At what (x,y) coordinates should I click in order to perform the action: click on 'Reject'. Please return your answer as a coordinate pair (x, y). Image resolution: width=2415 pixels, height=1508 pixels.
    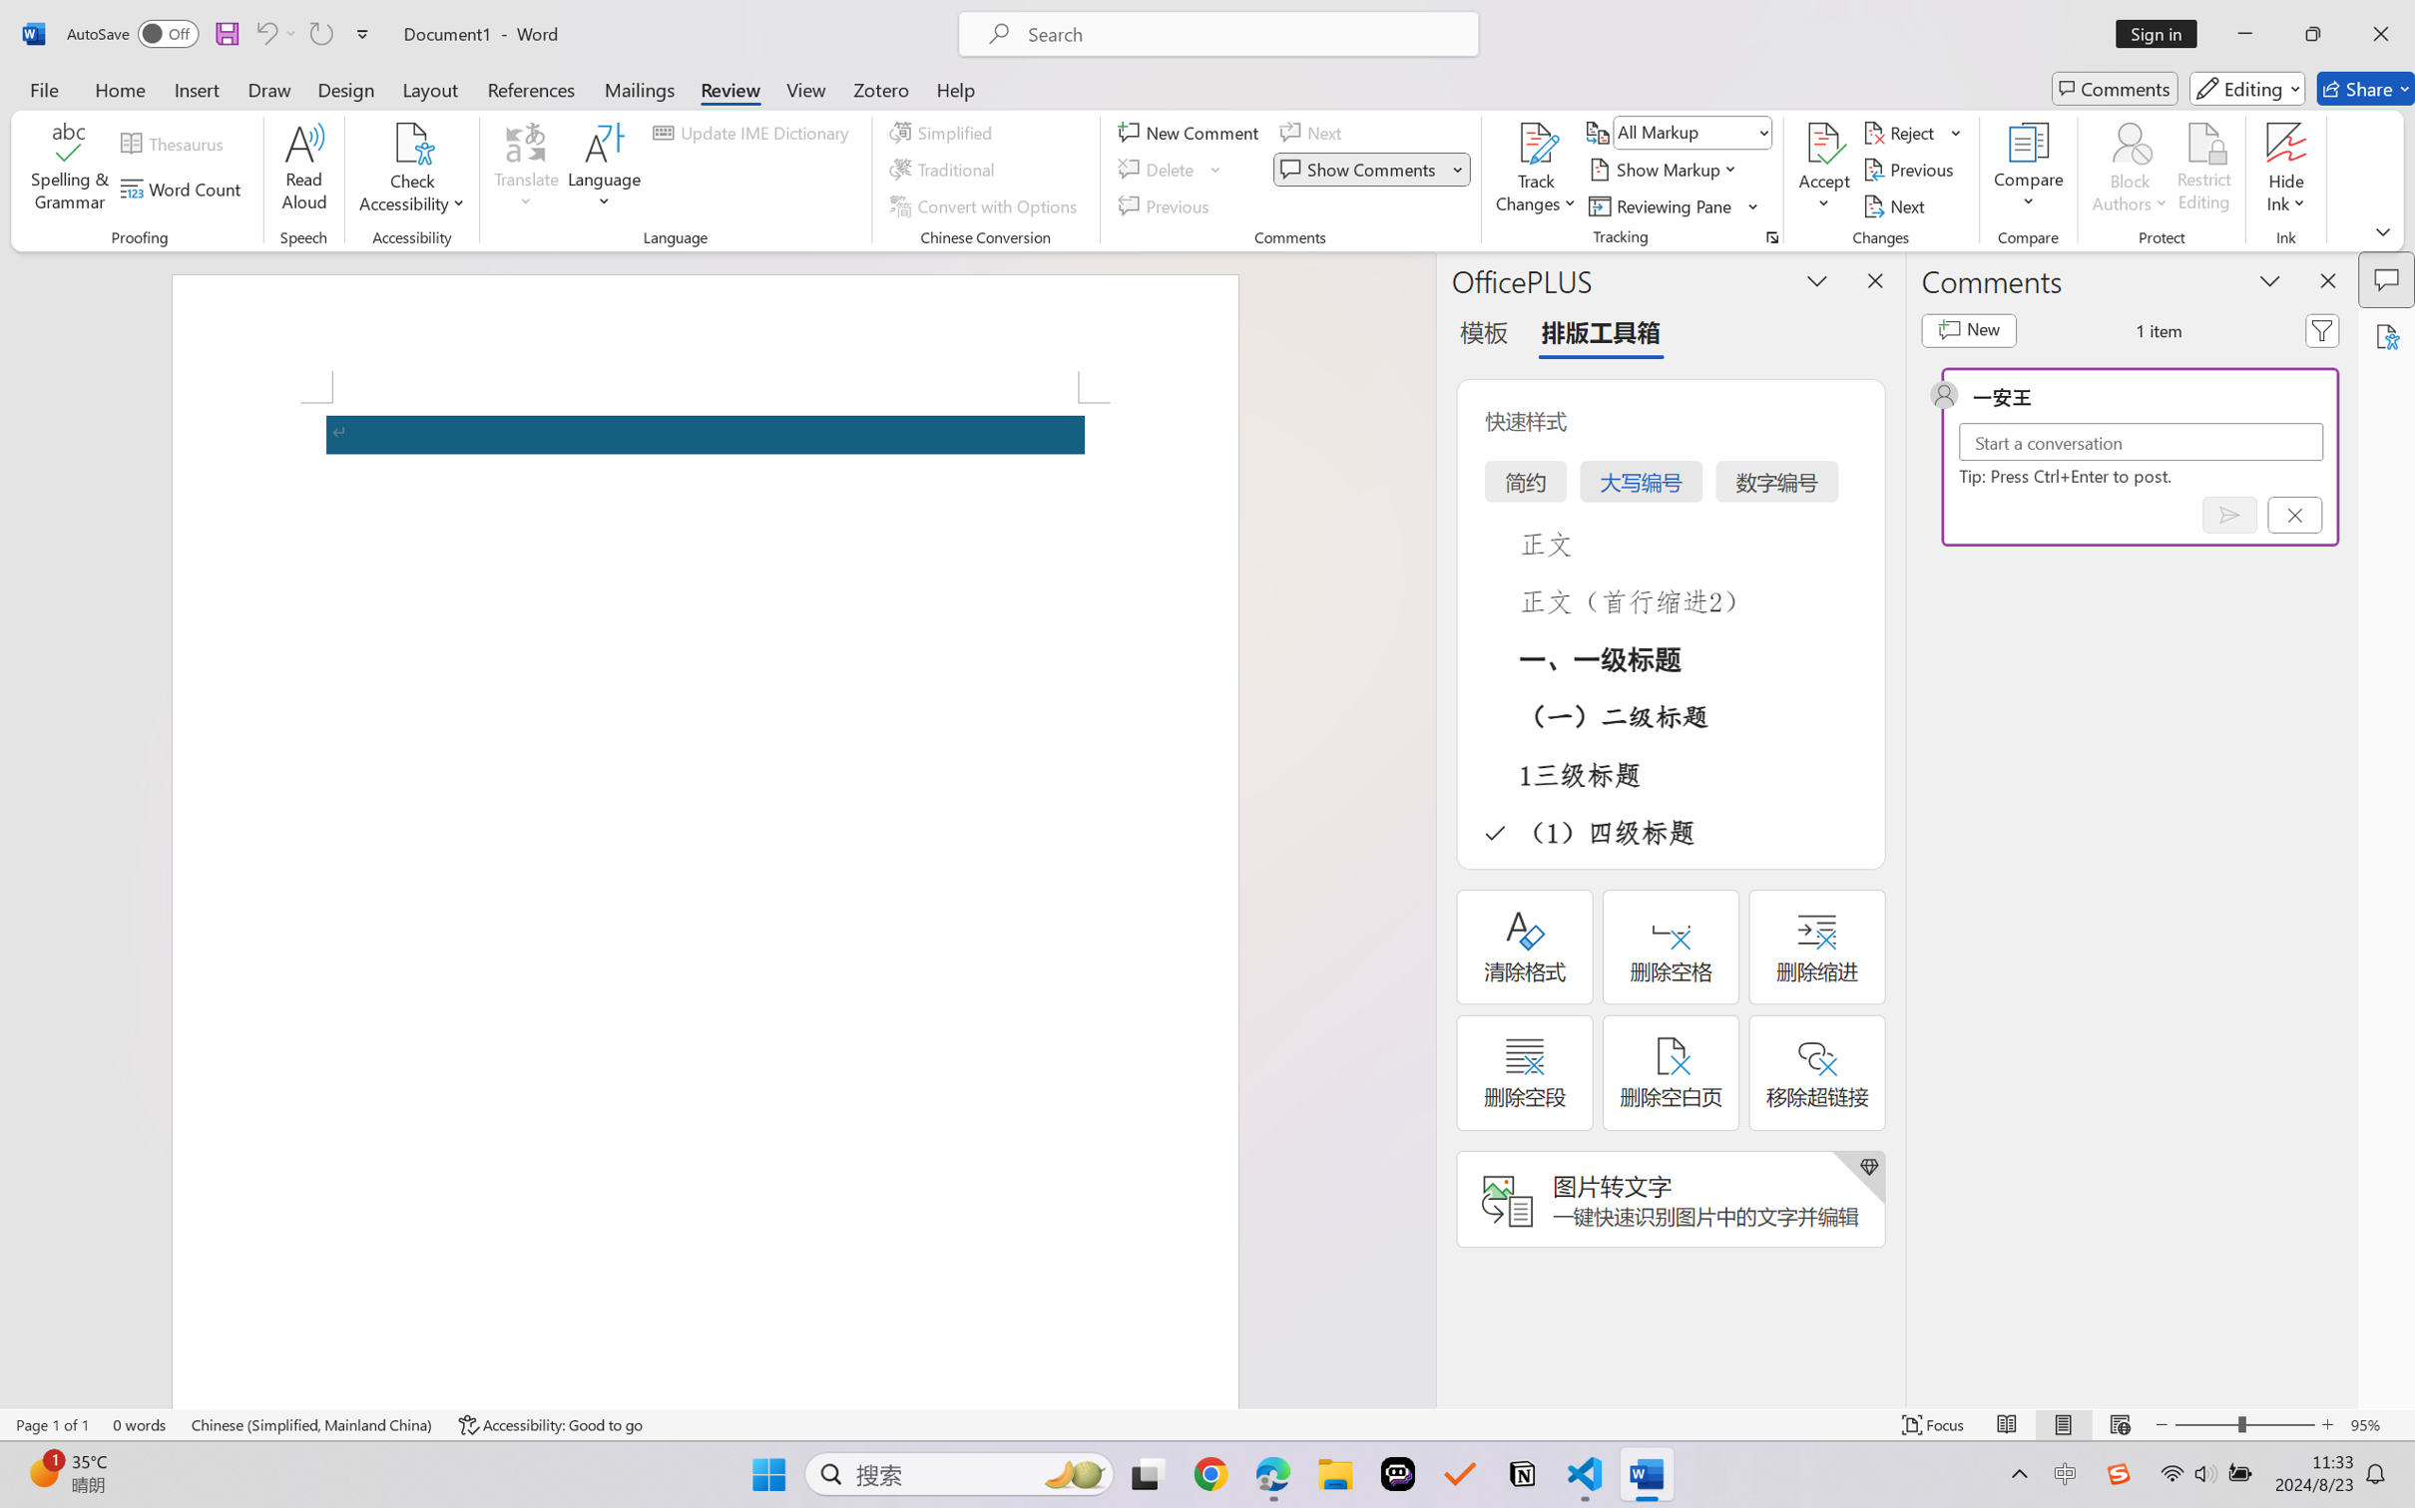
    Looking at the image, I should click on (1912, 131).